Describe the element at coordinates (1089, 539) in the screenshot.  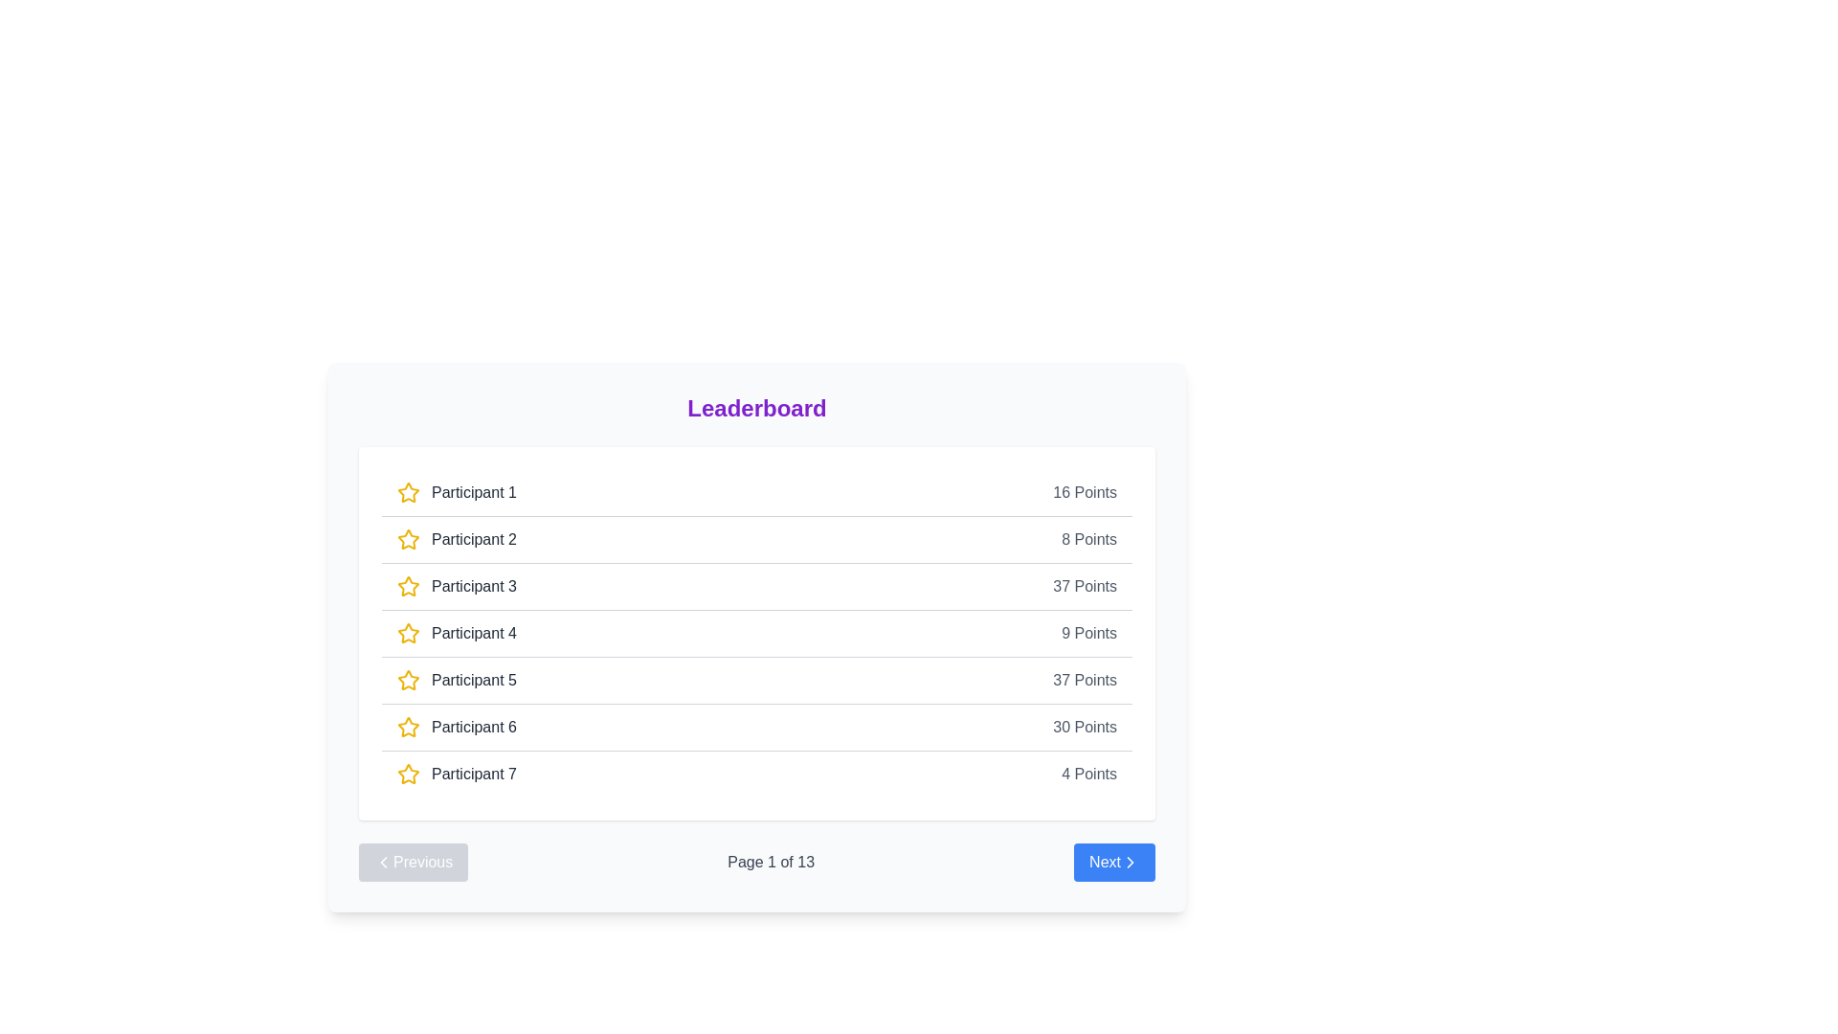
I see `the static text display showing '8 Points' in the leaderboard interface, located in the rightmost column of the second row` at that location.